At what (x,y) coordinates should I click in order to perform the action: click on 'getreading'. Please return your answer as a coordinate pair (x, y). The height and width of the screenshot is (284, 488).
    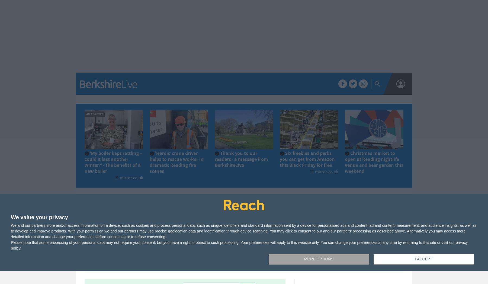
    Looking at the image, I should click on (157, 75).